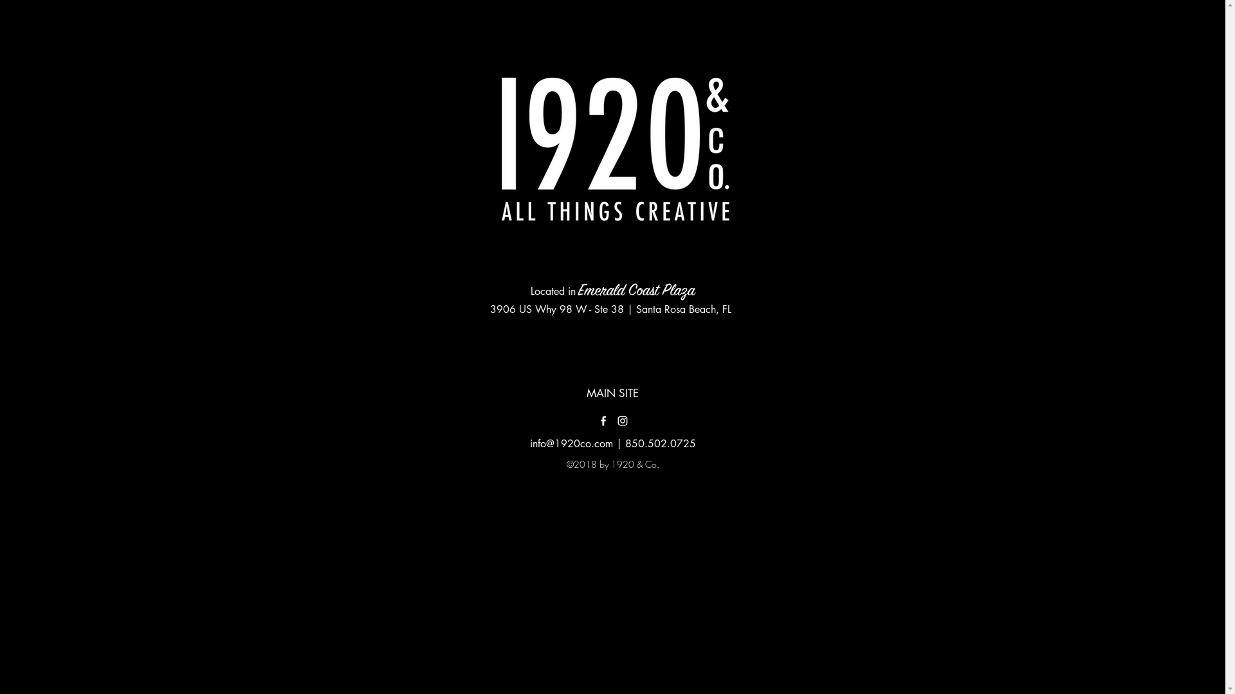 Image resolution: width=1235 pixels, height=694 pixels. I want to click on 'info@1920co.com', so click(571, 443).